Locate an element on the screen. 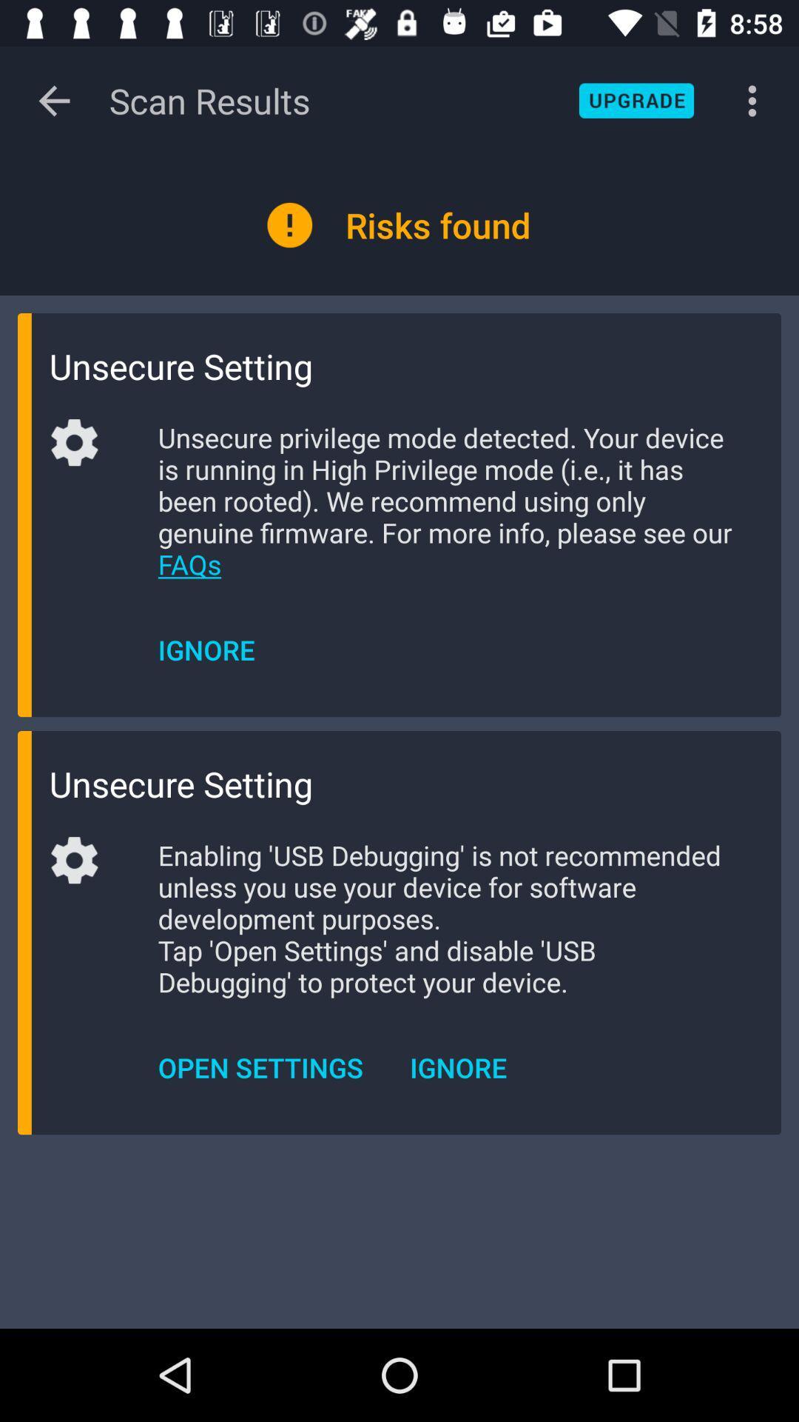  the button on the top right corner of the web page is located at coordinates (752, 101).